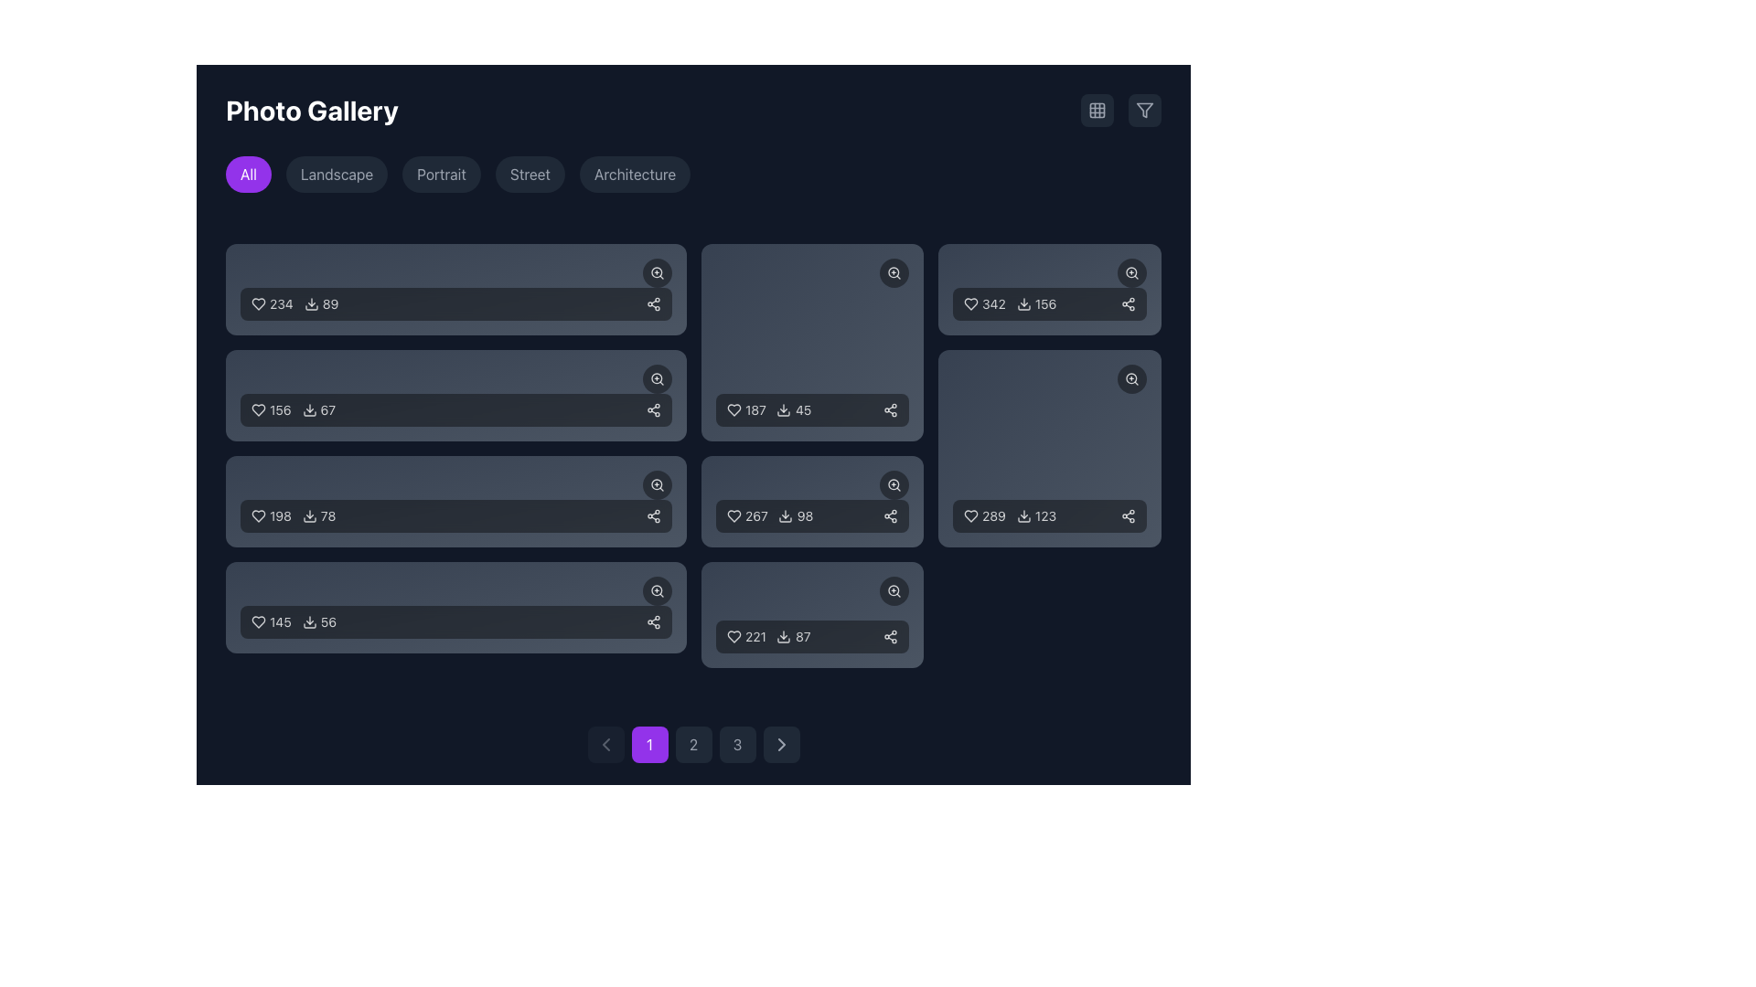 The image size is (1756, 987). Describe the element at coordinates (653, 409) in the screenshot. I see `the share icon, represented by three circles linked by lines, located in the bottom-right corner of the second horizontal bar beneath the photograph entry to share the photo` at that location.